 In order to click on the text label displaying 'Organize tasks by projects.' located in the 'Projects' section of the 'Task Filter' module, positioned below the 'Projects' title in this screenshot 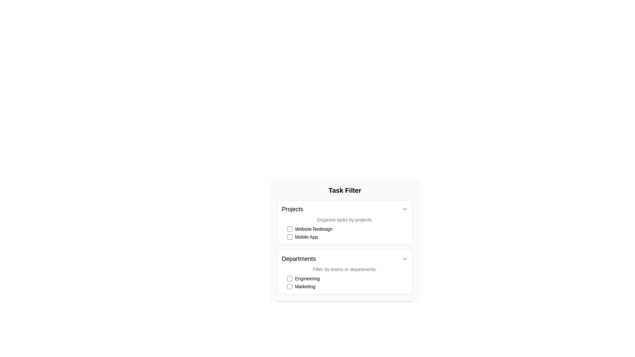, I will do `click(344, 219)`.